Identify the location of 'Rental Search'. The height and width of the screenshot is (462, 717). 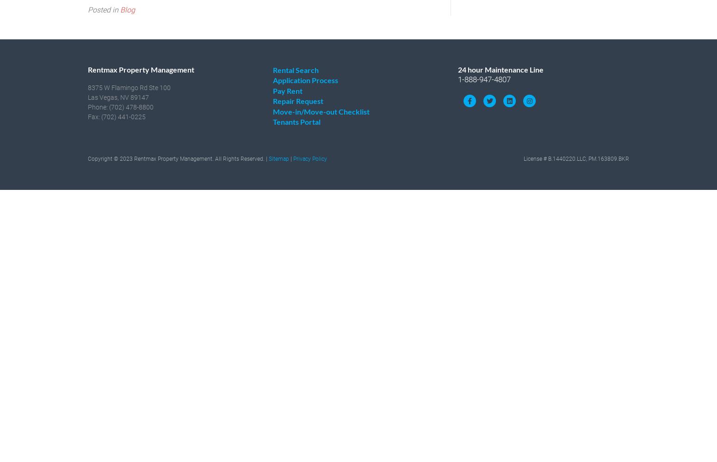
(295, 69).